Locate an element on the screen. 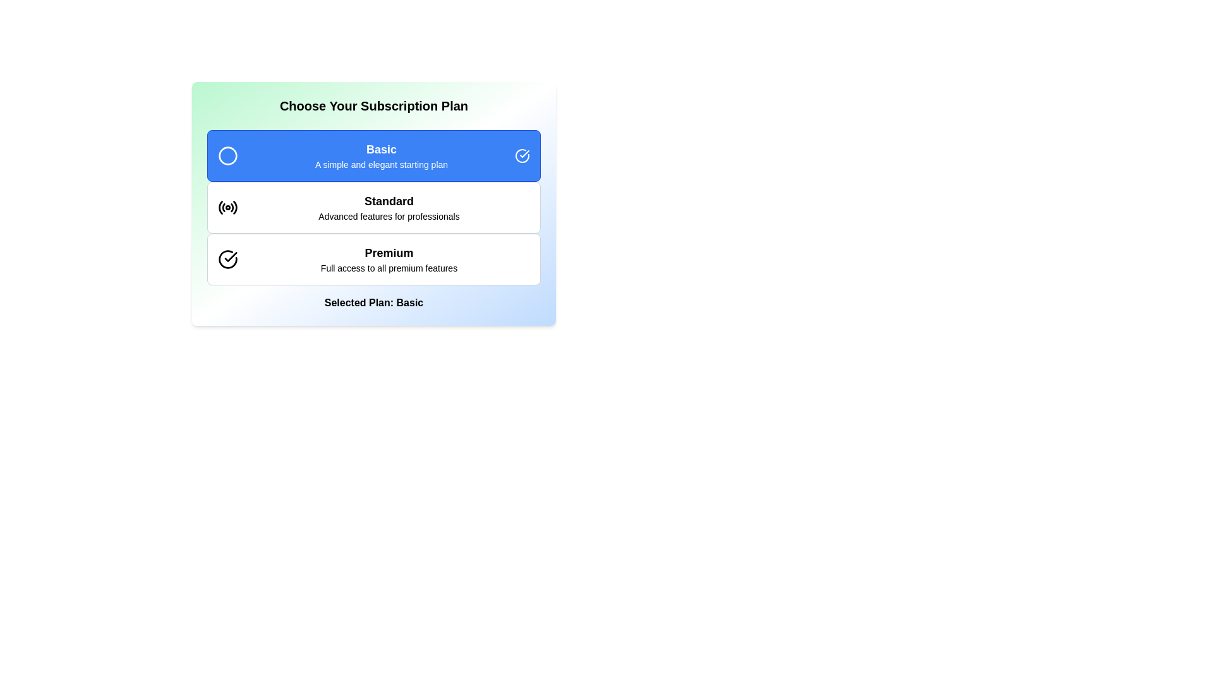 Image resolution: width=1213 pixels, height=682 pixels. the 'Standard' selectable option is located at coordinates (373, 206).